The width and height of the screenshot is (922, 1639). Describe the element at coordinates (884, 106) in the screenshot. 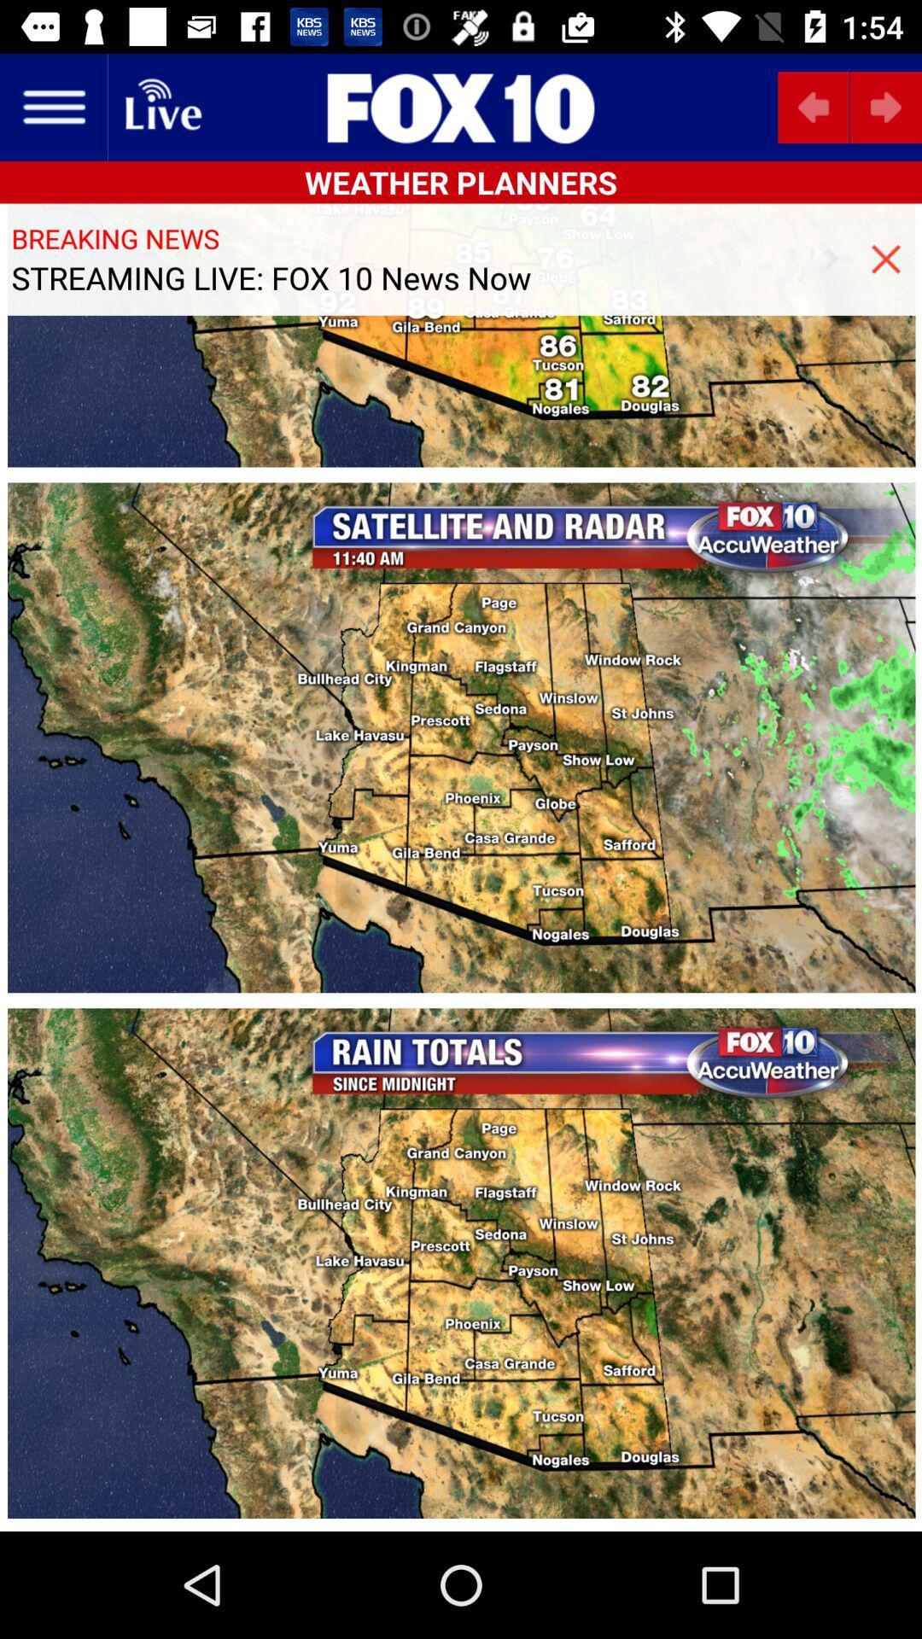

I see `the arrow_forward icon` at that location.